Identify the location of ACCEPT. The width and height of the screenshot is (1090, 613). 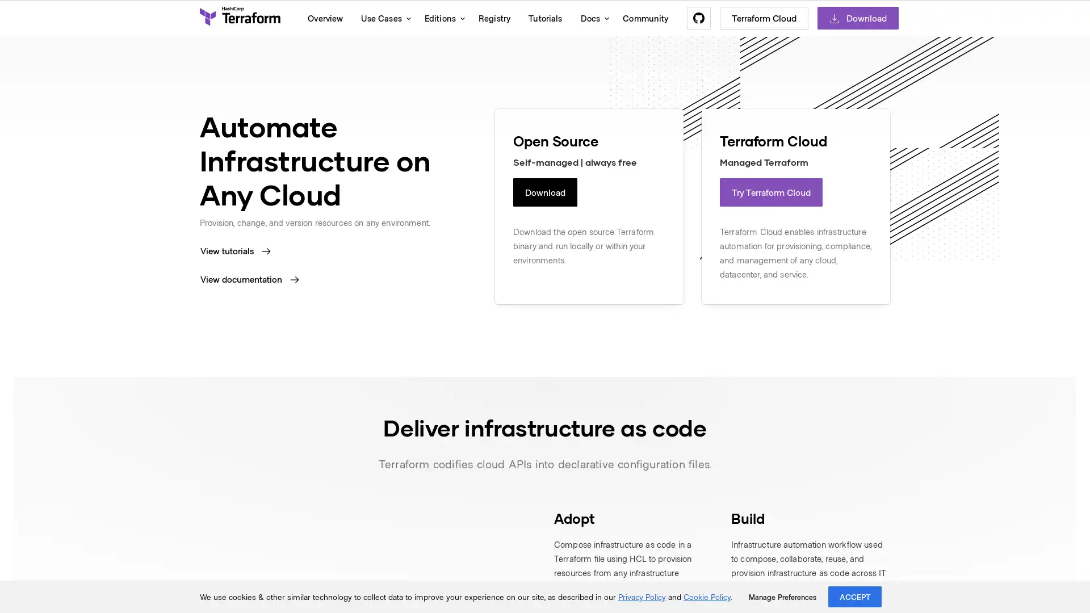
(855, 596).